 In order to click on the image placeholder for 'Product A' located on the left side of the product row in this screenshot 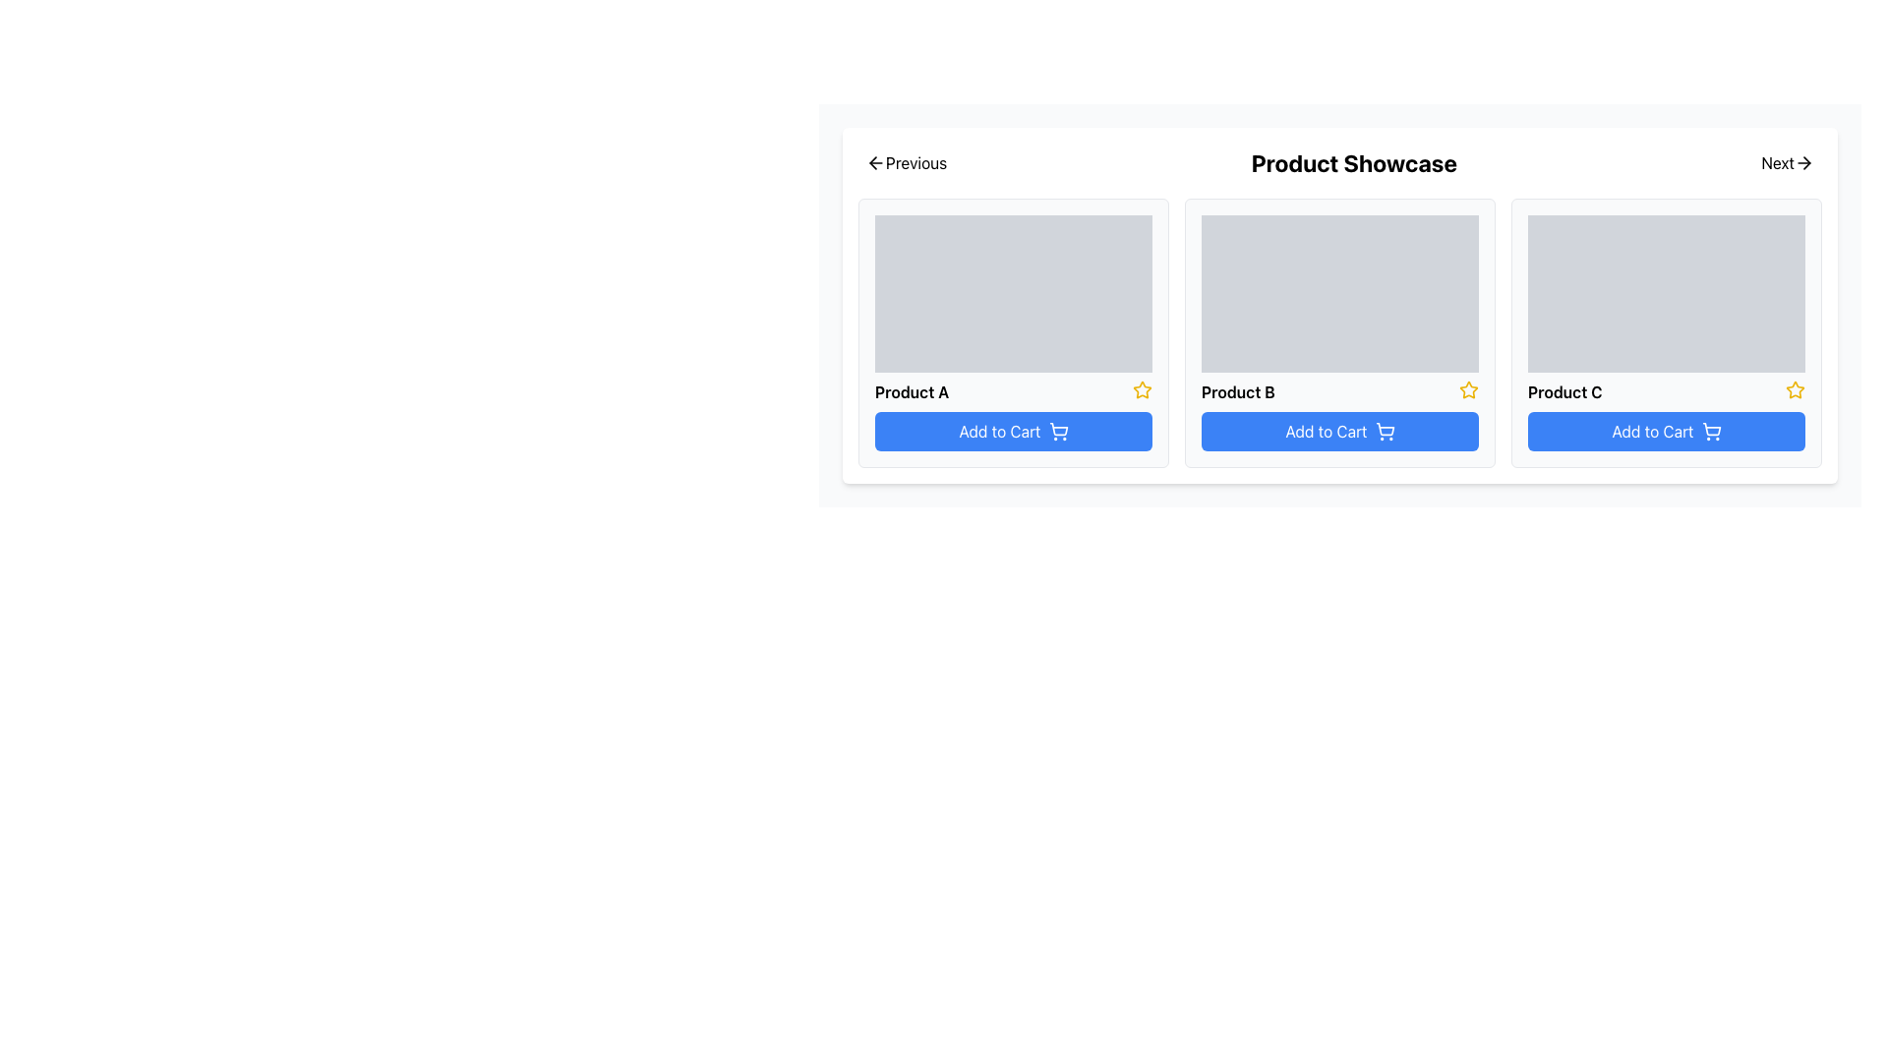, I will do `click(1014, 294)`.